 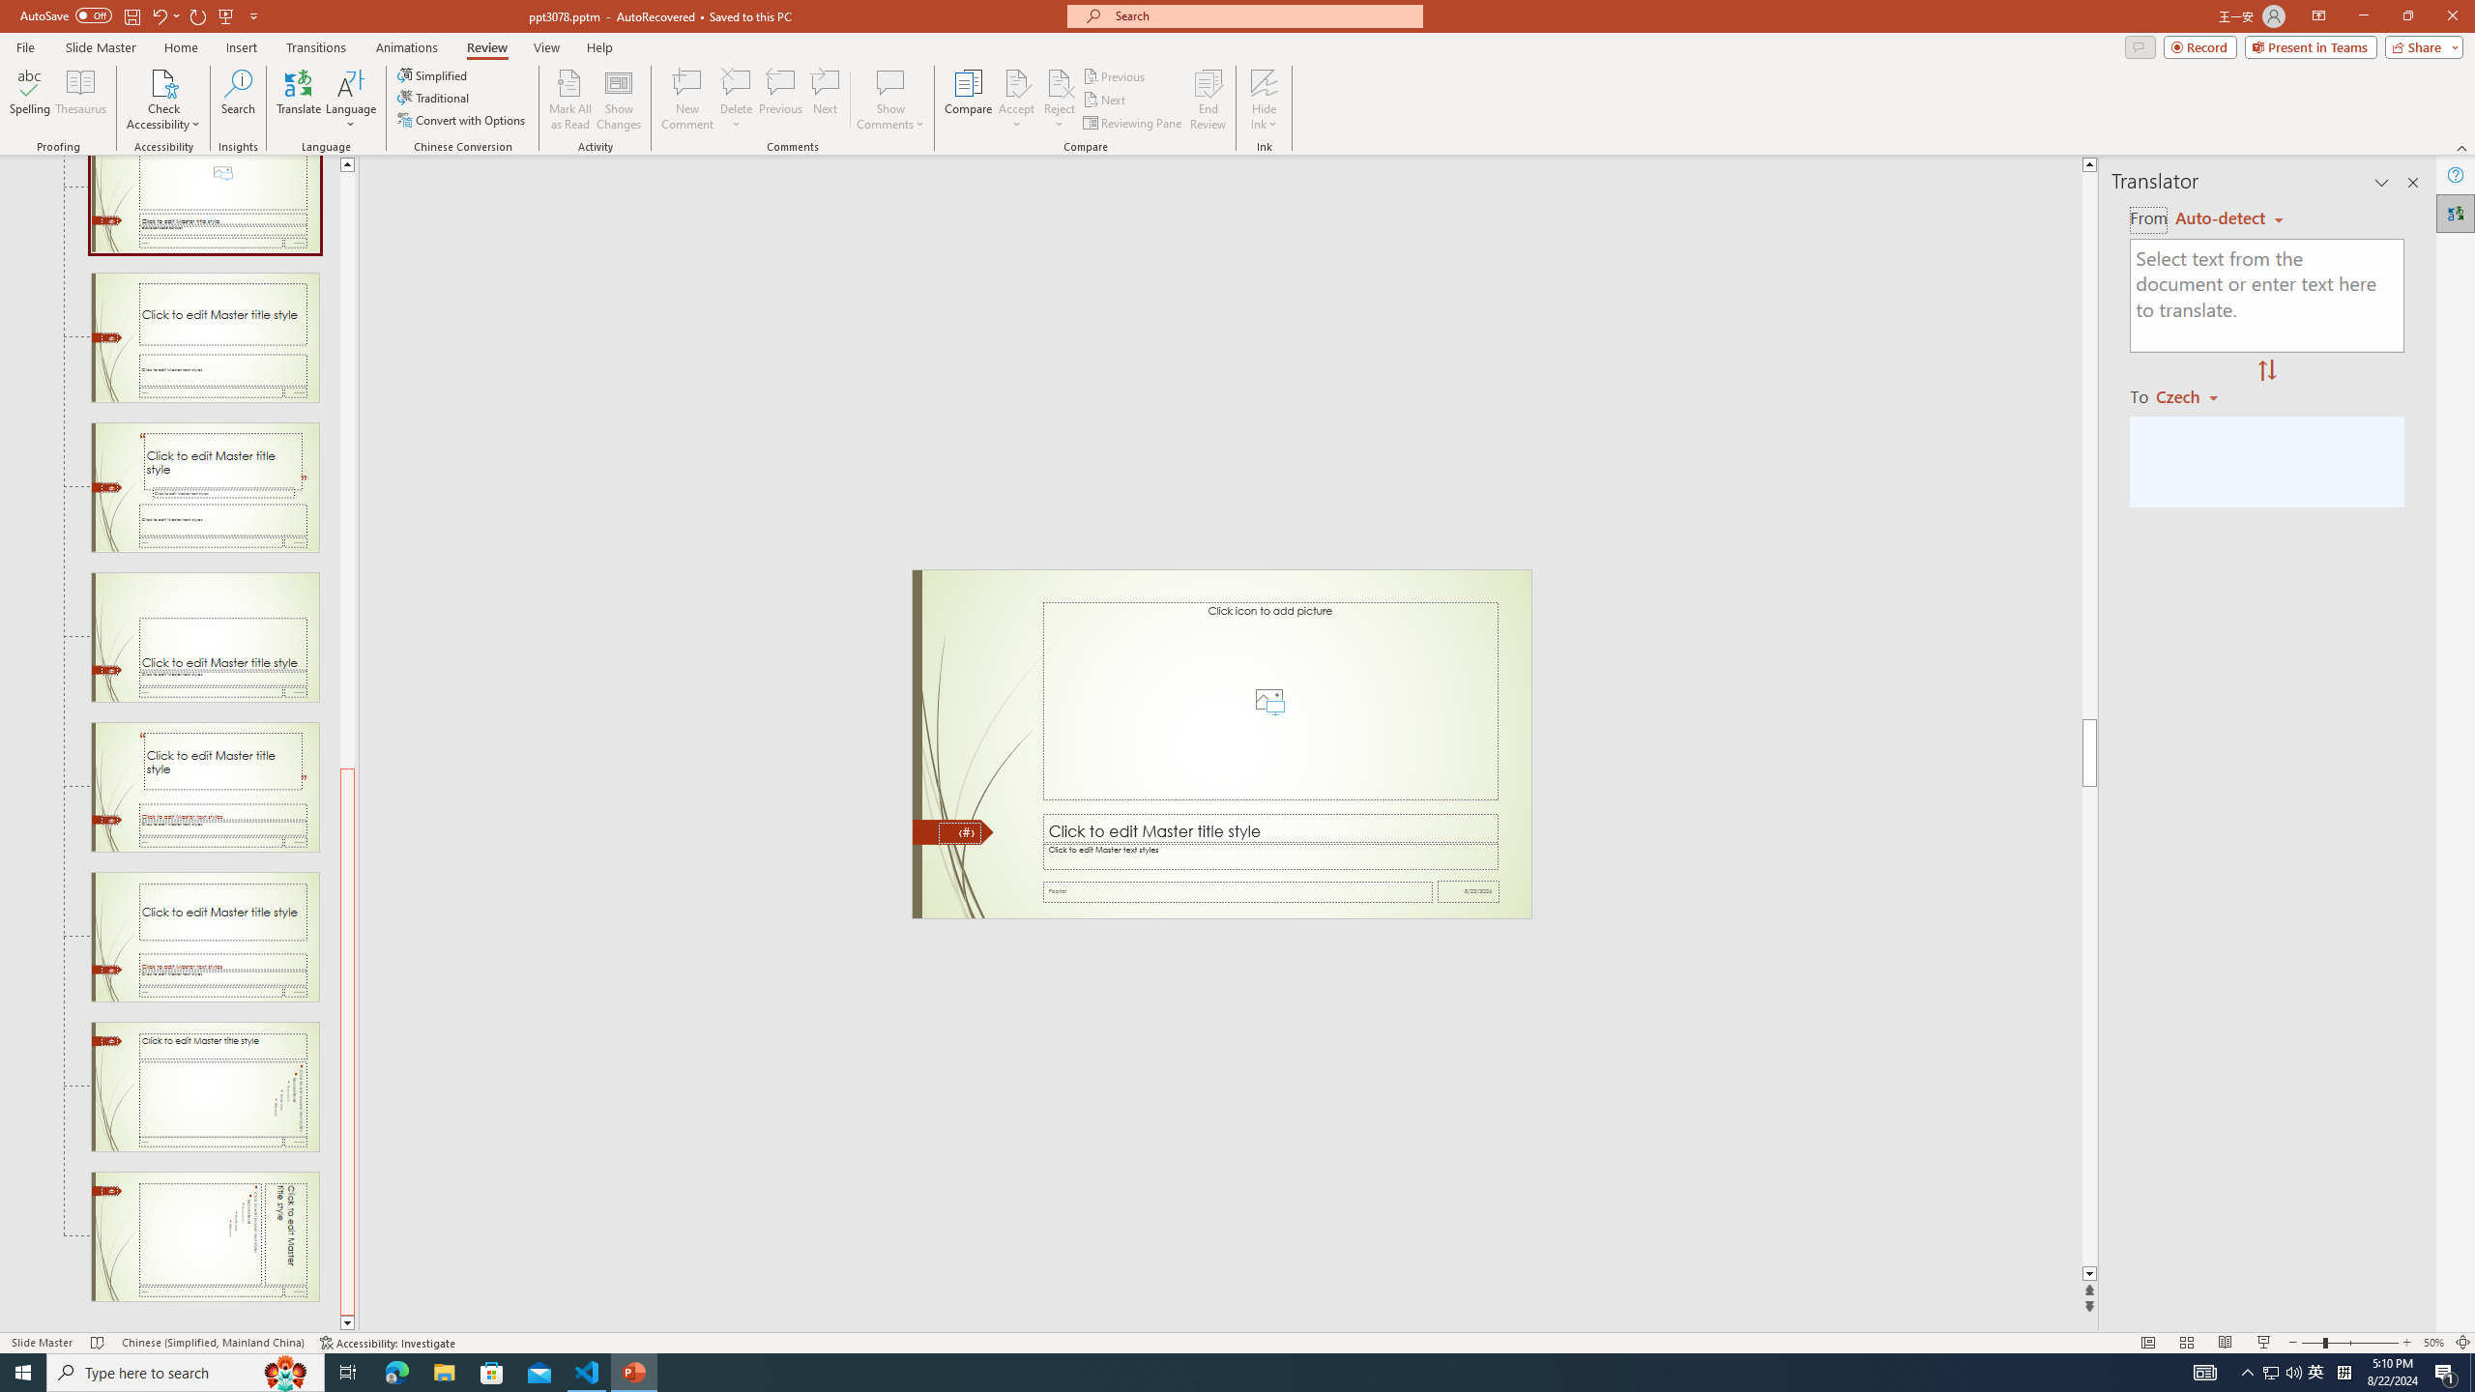 What do you see at coordinates (685, 100) in the screenshot?
I see `'New Comment'` at bounding box center [685, 100].